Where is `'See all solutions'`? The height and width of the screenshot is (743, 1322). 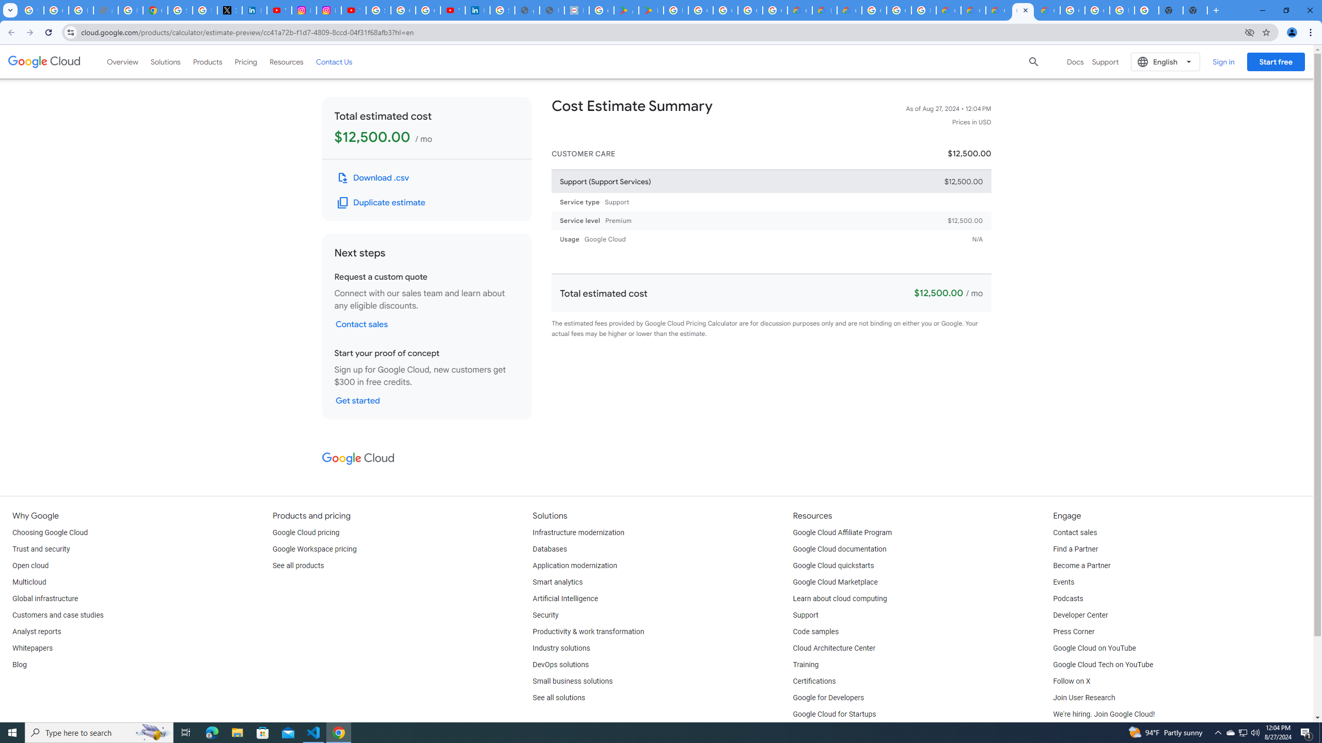
'See all solutions' is located at coordinates (558, 697).